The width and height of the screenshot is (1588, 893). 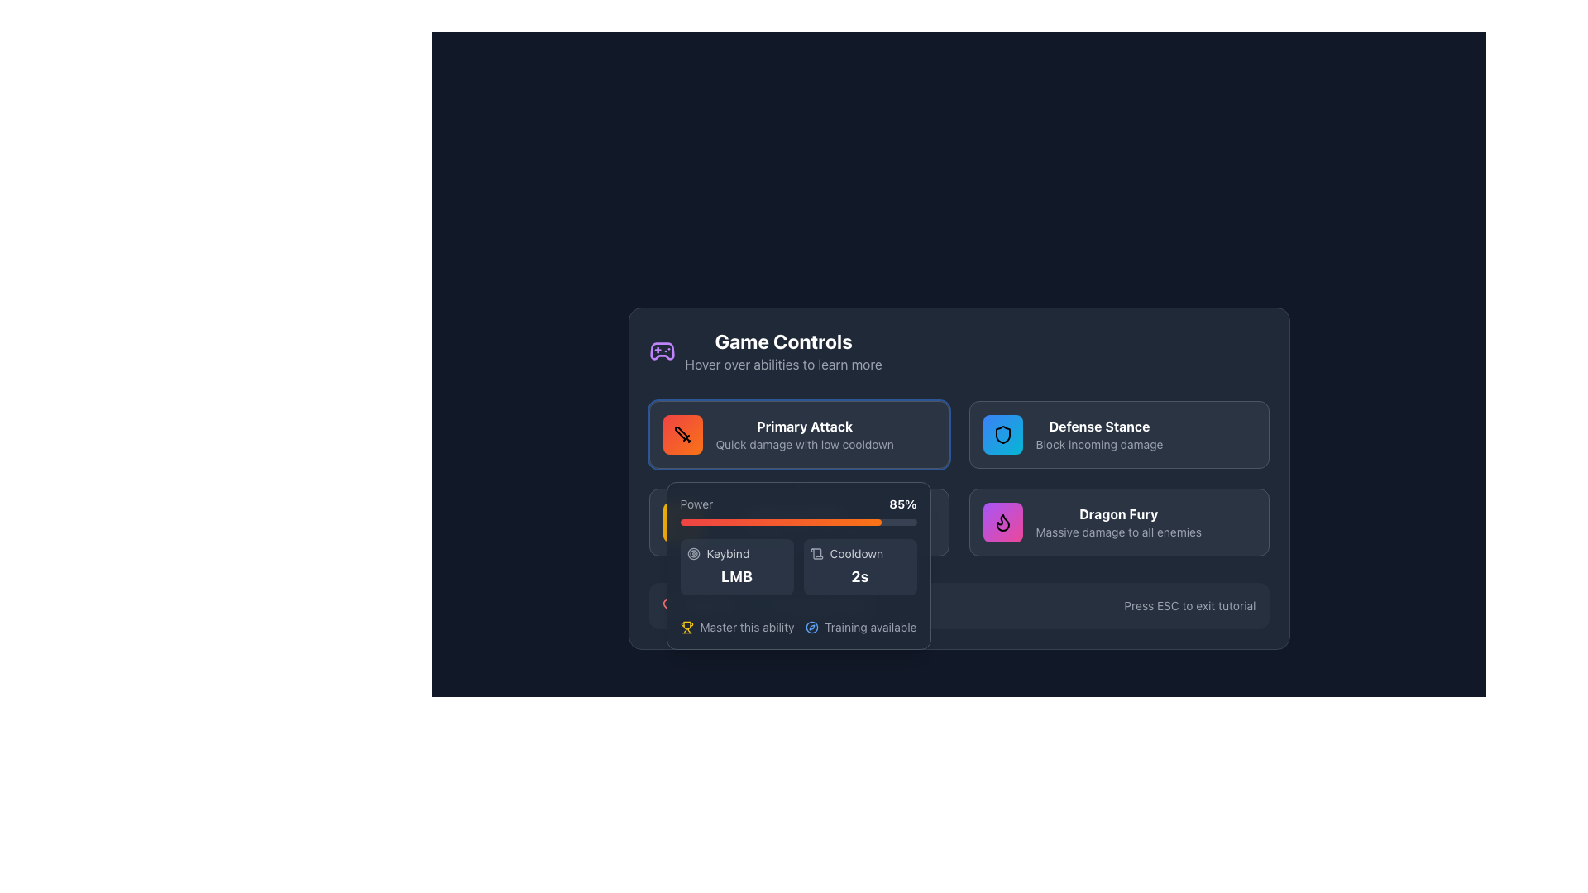 I want to click on descriptive text label located directly below the 'Defense Stance' label, which provides additional information about the ability, so click(x=1099, y=443).